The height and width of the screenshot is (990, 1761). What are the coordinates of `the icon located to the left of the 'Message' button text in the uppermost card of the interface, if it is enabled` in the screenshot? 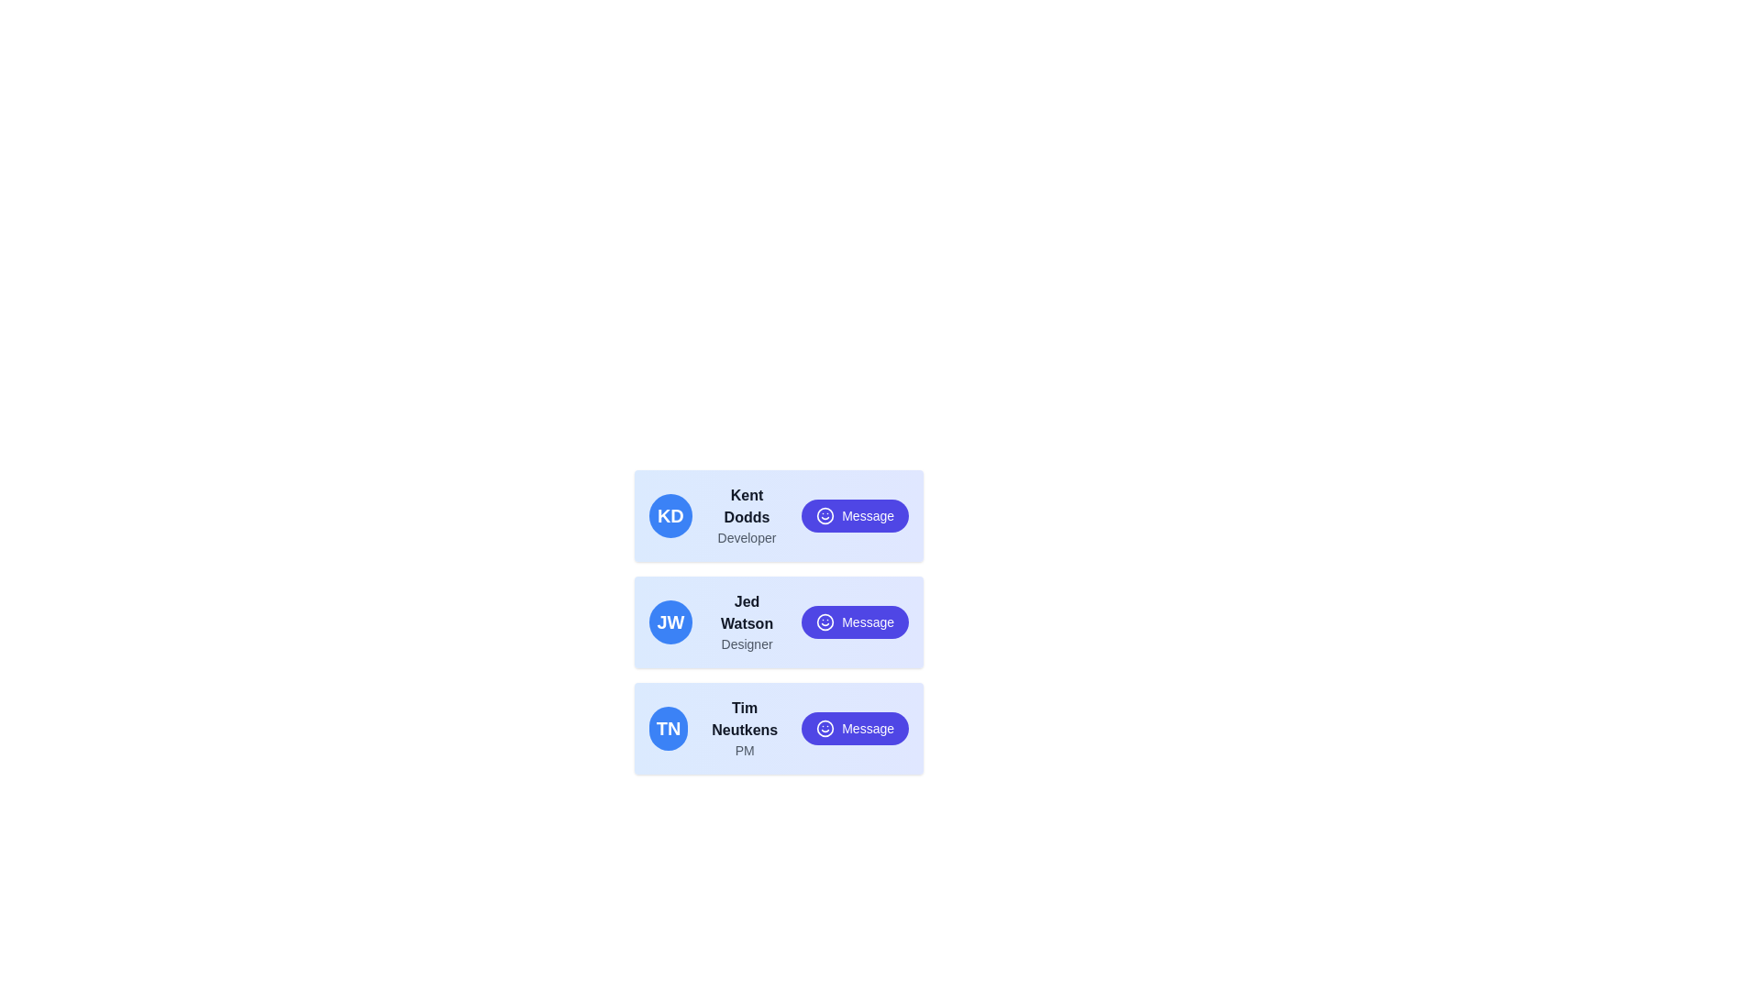 It's located at (825, 516).